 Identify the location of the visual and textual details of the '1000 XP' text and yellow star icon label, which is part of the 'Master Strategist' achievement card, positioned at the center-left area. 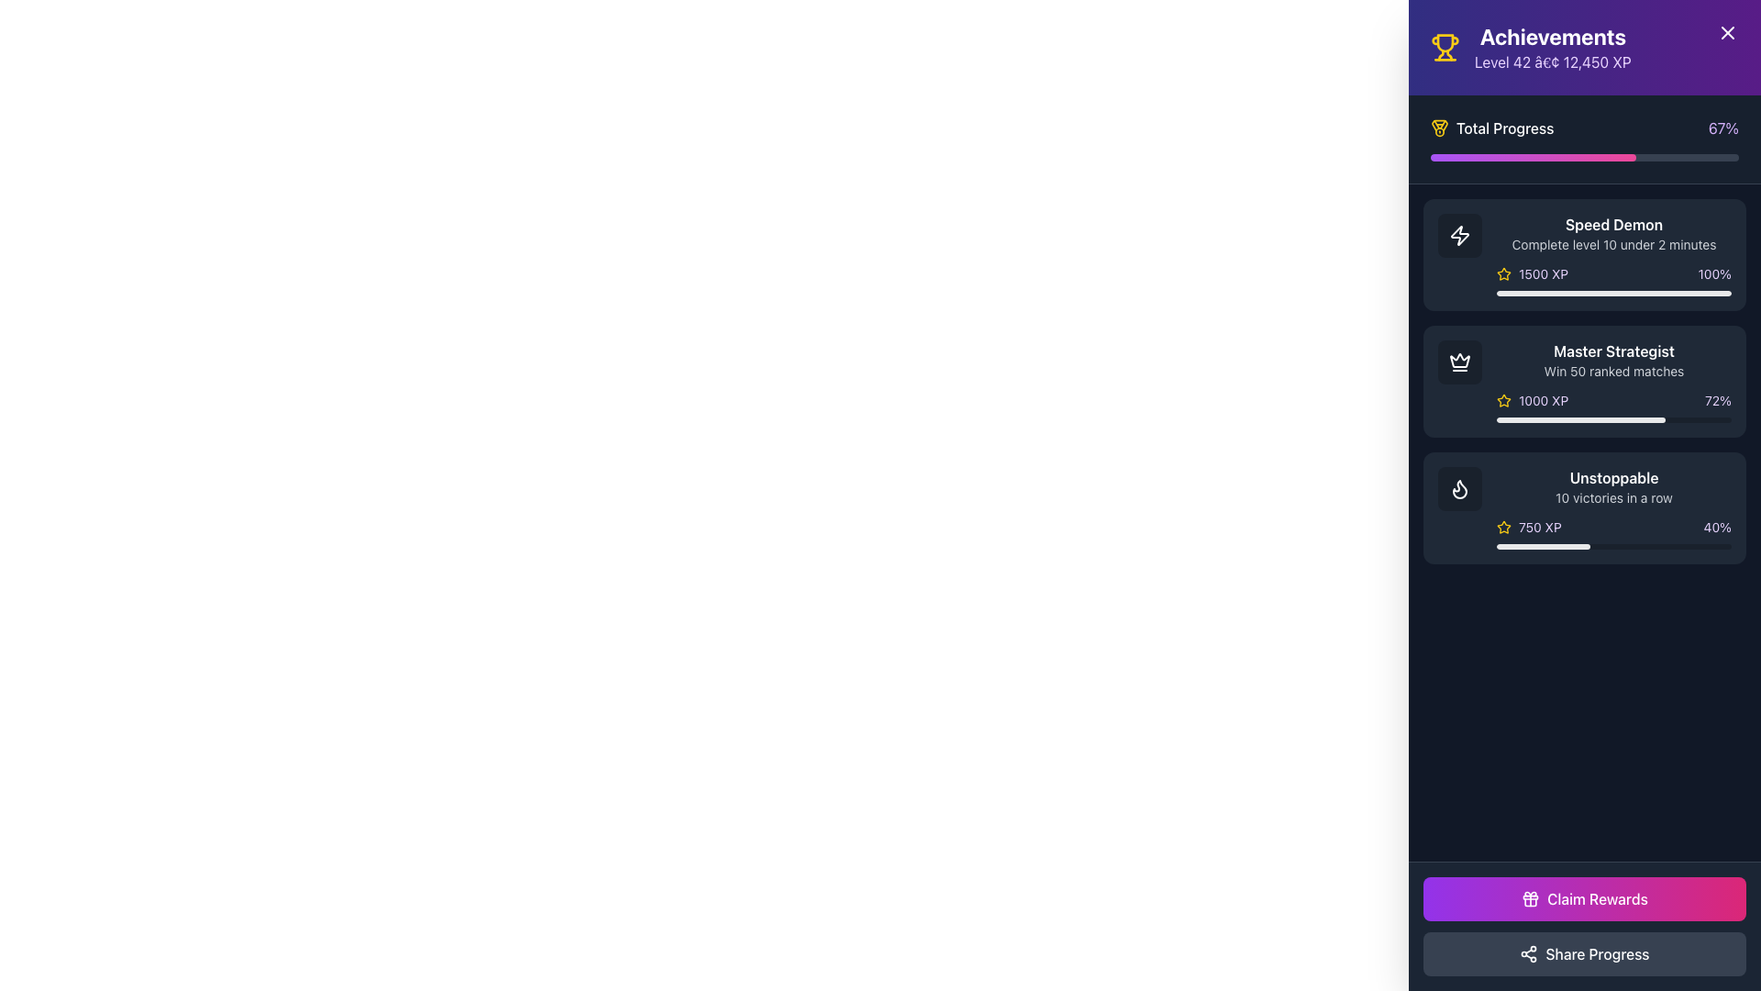
(1533, 399).